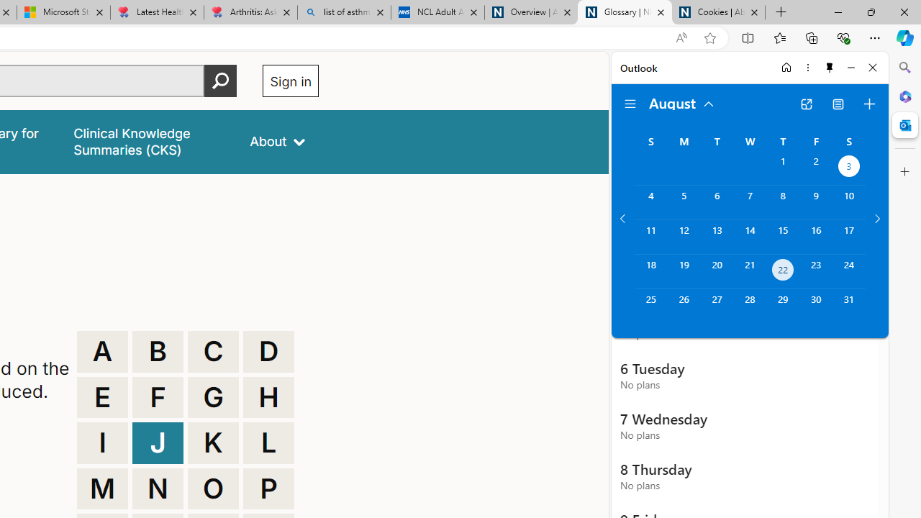  I want to click on 'Friday, August 30, 2024. ', so click(816, 305).